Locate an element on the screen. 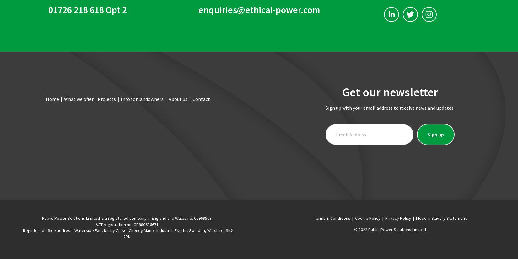 This screenshot has height=259, width=518. '980686671' is located at coordinates (148, 224).